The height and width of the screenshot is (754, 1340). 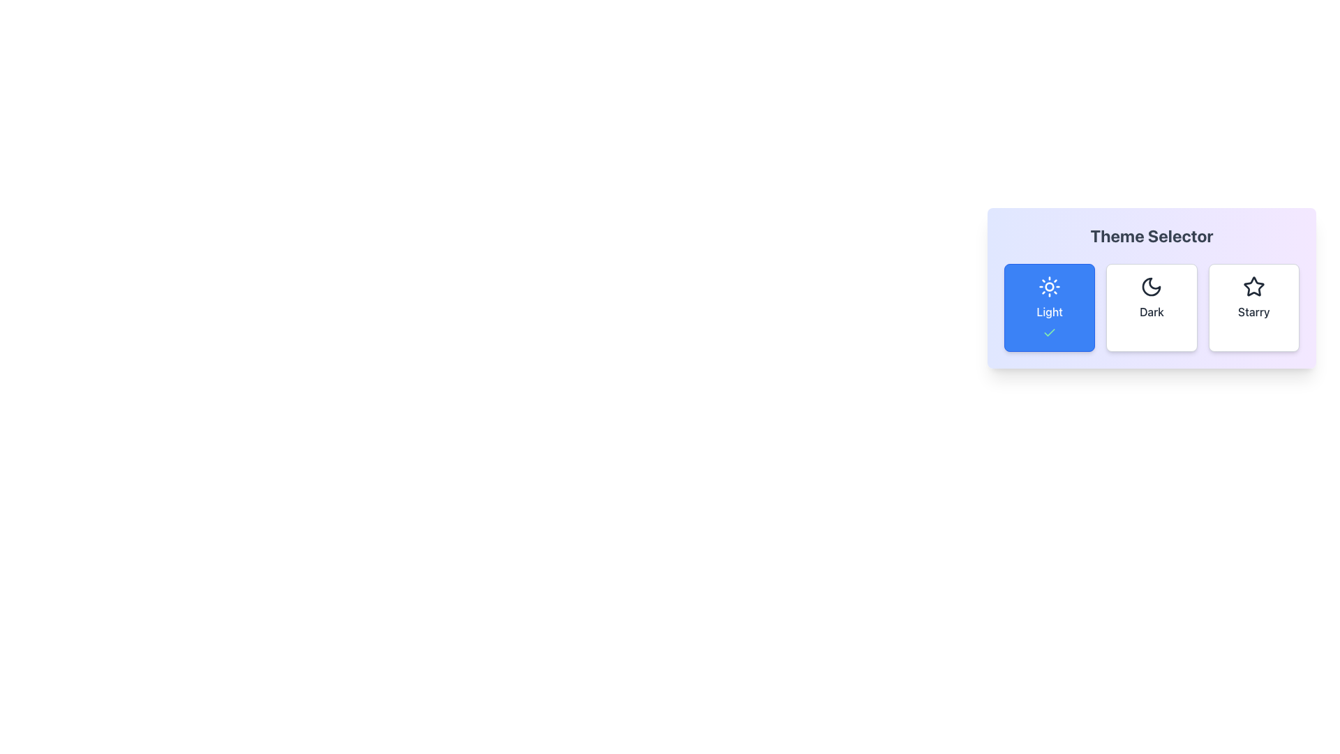 What do you see at coordinates (1152, 287) in the screenshot?
I see `one of the theme options within the 'Theme Selector' card-like component, which displays options 'Light', 'Dark', and 'Starry'` at bounding box center [1152, 287].